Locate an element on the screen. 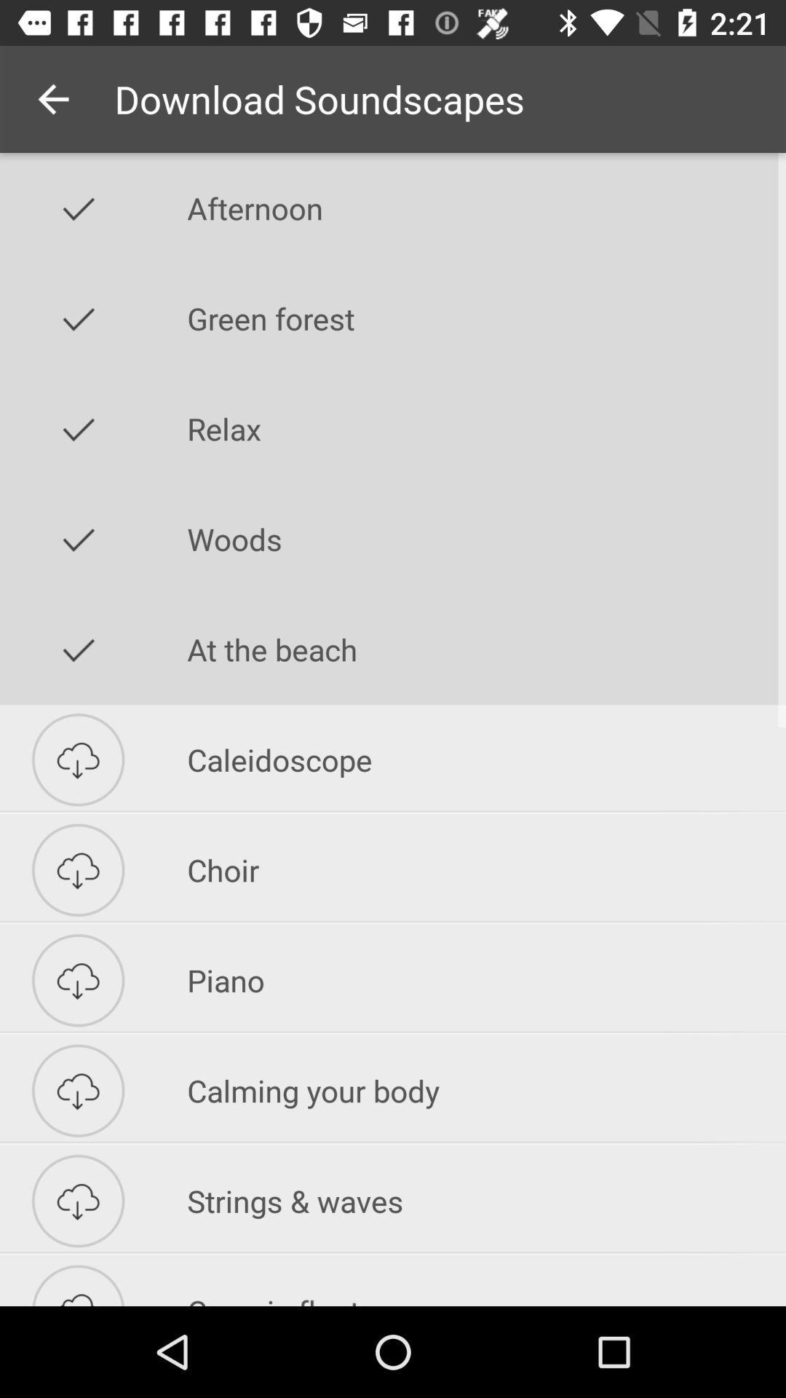 The image size is (786, 1398). afternoon icon is located at coordinates (486, 208).